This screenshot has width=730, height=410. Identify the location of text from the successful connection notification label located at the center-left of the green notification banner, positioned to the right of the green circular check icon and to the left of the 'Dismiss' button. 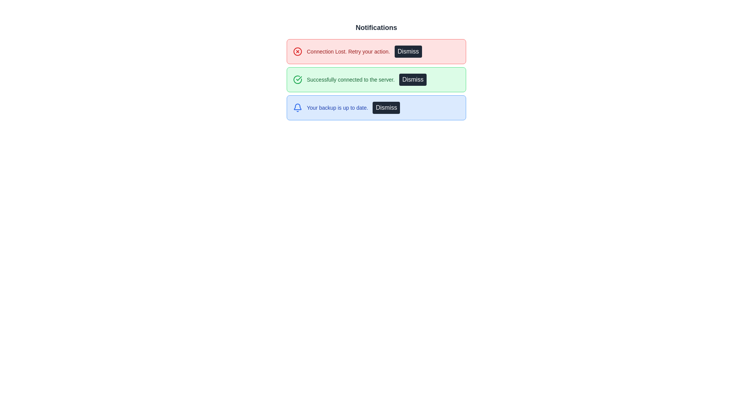
(350, 79).